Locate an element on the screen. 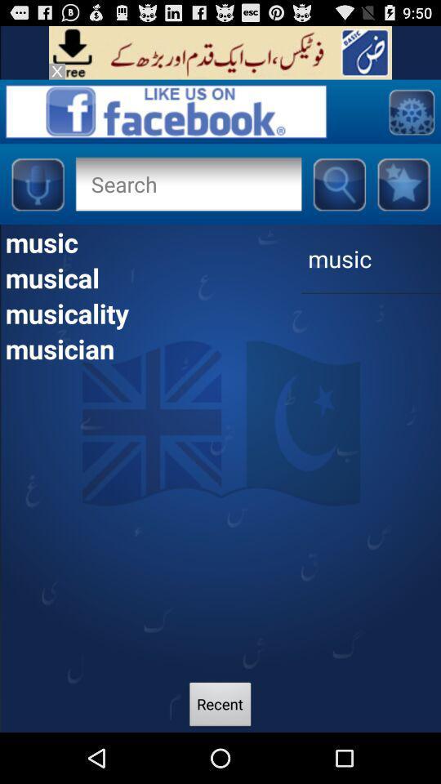  page is located at coordinates (403, 184).